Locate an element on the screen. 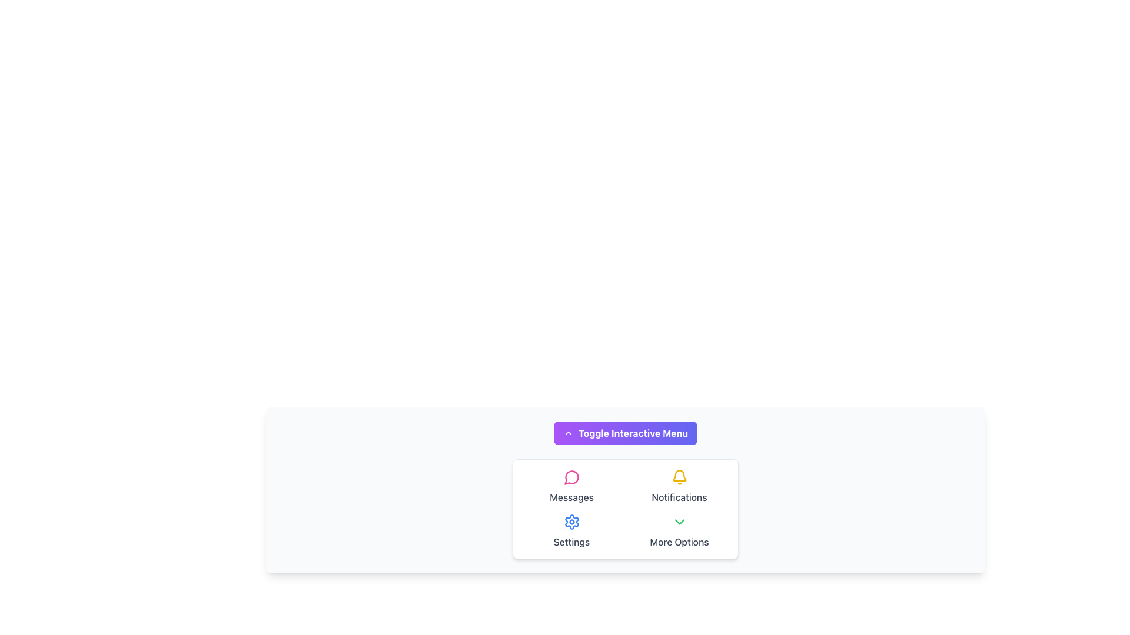 The height and width of the screenshot is (635, 1130). the interactive menu trigger located in the bottom-right corner of the grid, below the 'Notifications' section and adjacent to the 'Settings' section is located at coordinates (679, 531).